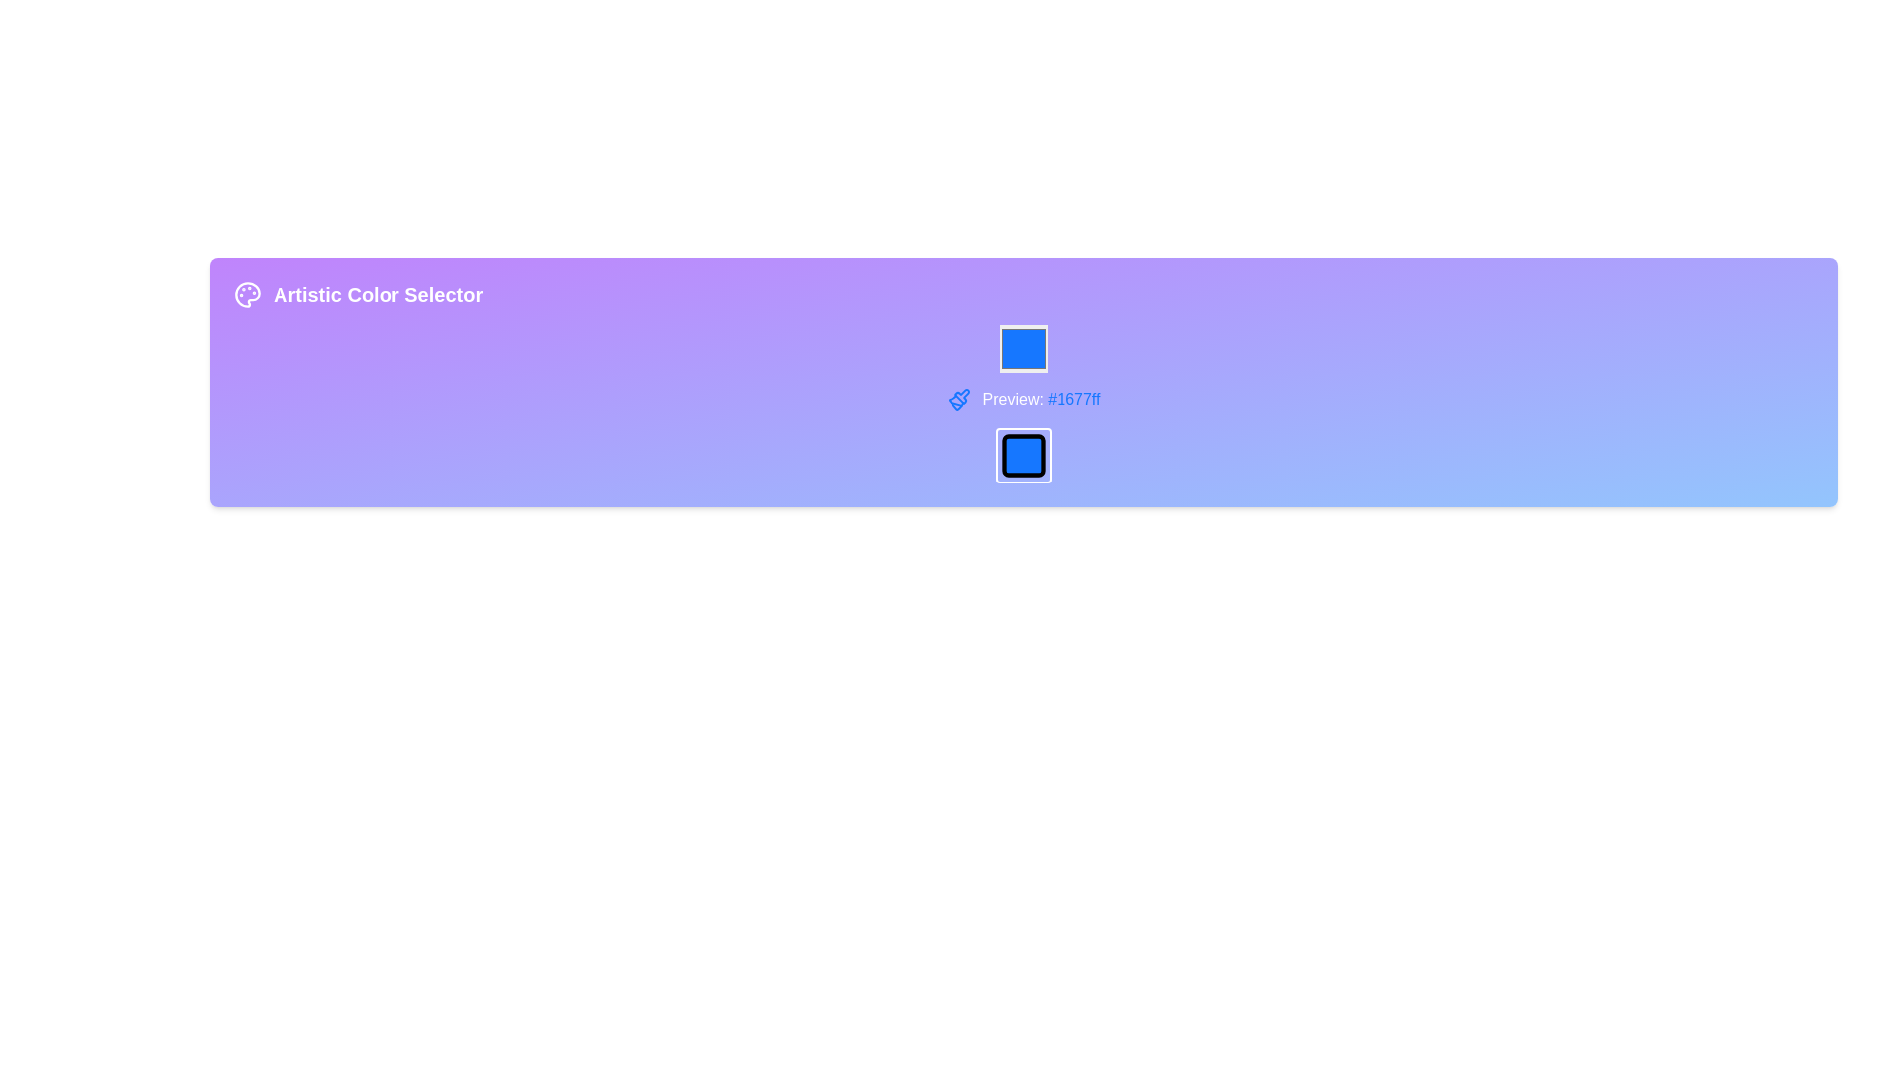  Describe the element at coordinates (1023, 294) in the screenshot. I see `the 'Artistic Color Selector' header text label` at that location.